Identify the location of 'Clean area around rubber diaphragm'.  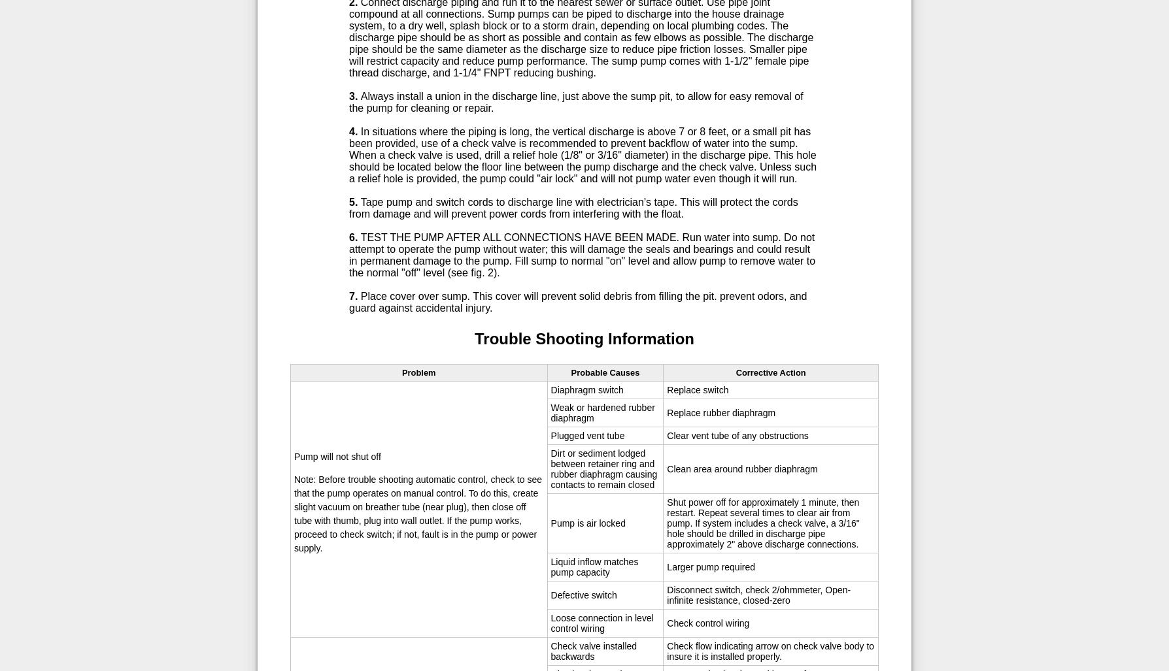
(741, 468).